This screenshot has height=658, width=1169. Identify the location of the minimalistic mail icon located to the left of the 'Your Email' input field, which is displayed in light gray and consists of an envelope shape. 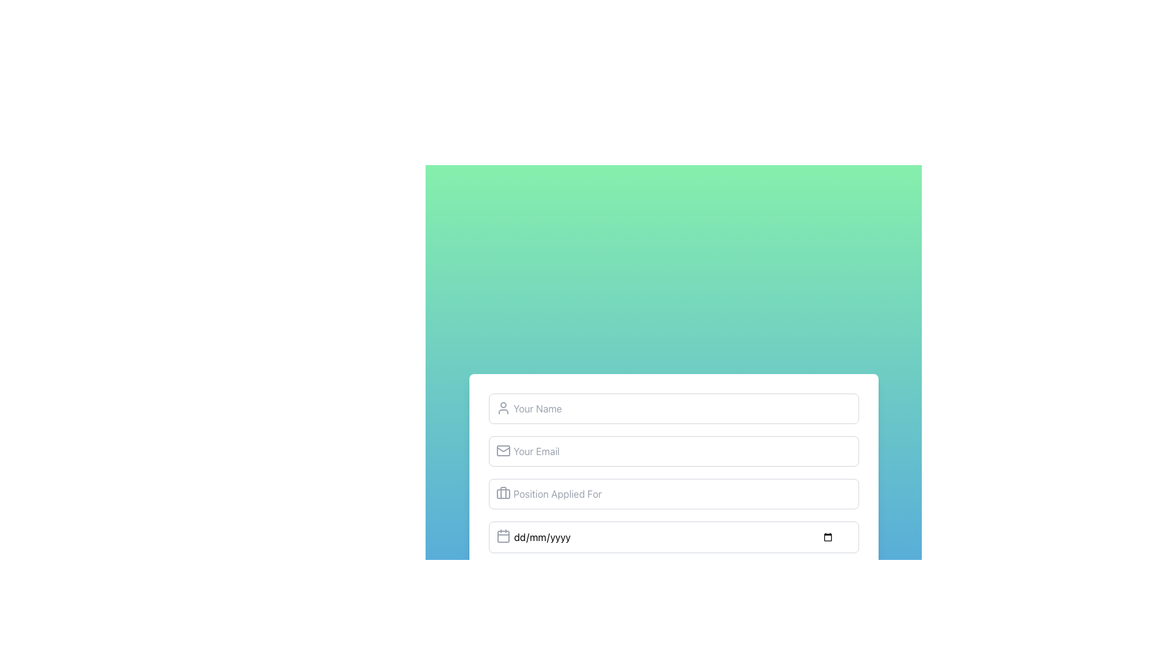
(503, 451).